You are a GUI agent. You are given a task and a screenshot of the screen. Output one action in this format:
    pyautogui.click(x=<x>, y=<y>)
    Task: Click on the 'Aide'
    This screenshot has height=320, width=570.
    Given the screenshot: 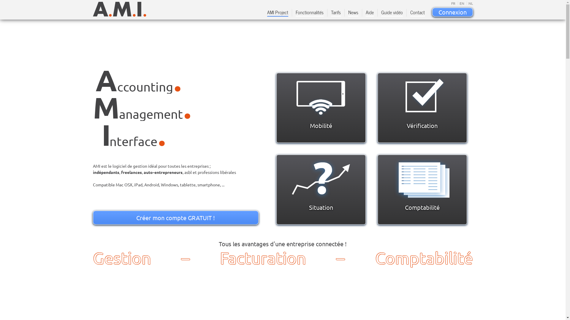 What is the action you would take?
    pyautogui.click(x=369, y=13)
    